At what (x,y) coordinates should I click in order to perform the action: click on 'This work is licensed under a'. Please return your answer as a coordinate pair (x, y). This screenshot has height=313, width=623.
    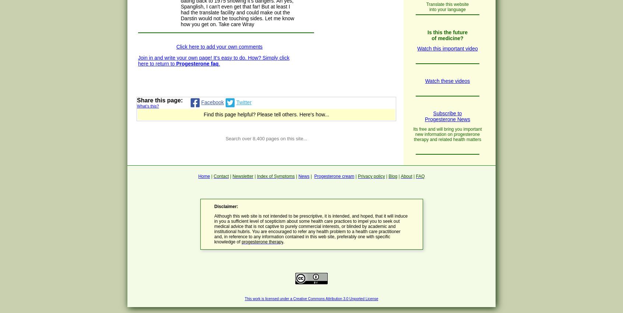
    Looking at the image, I should click on (268, 299).